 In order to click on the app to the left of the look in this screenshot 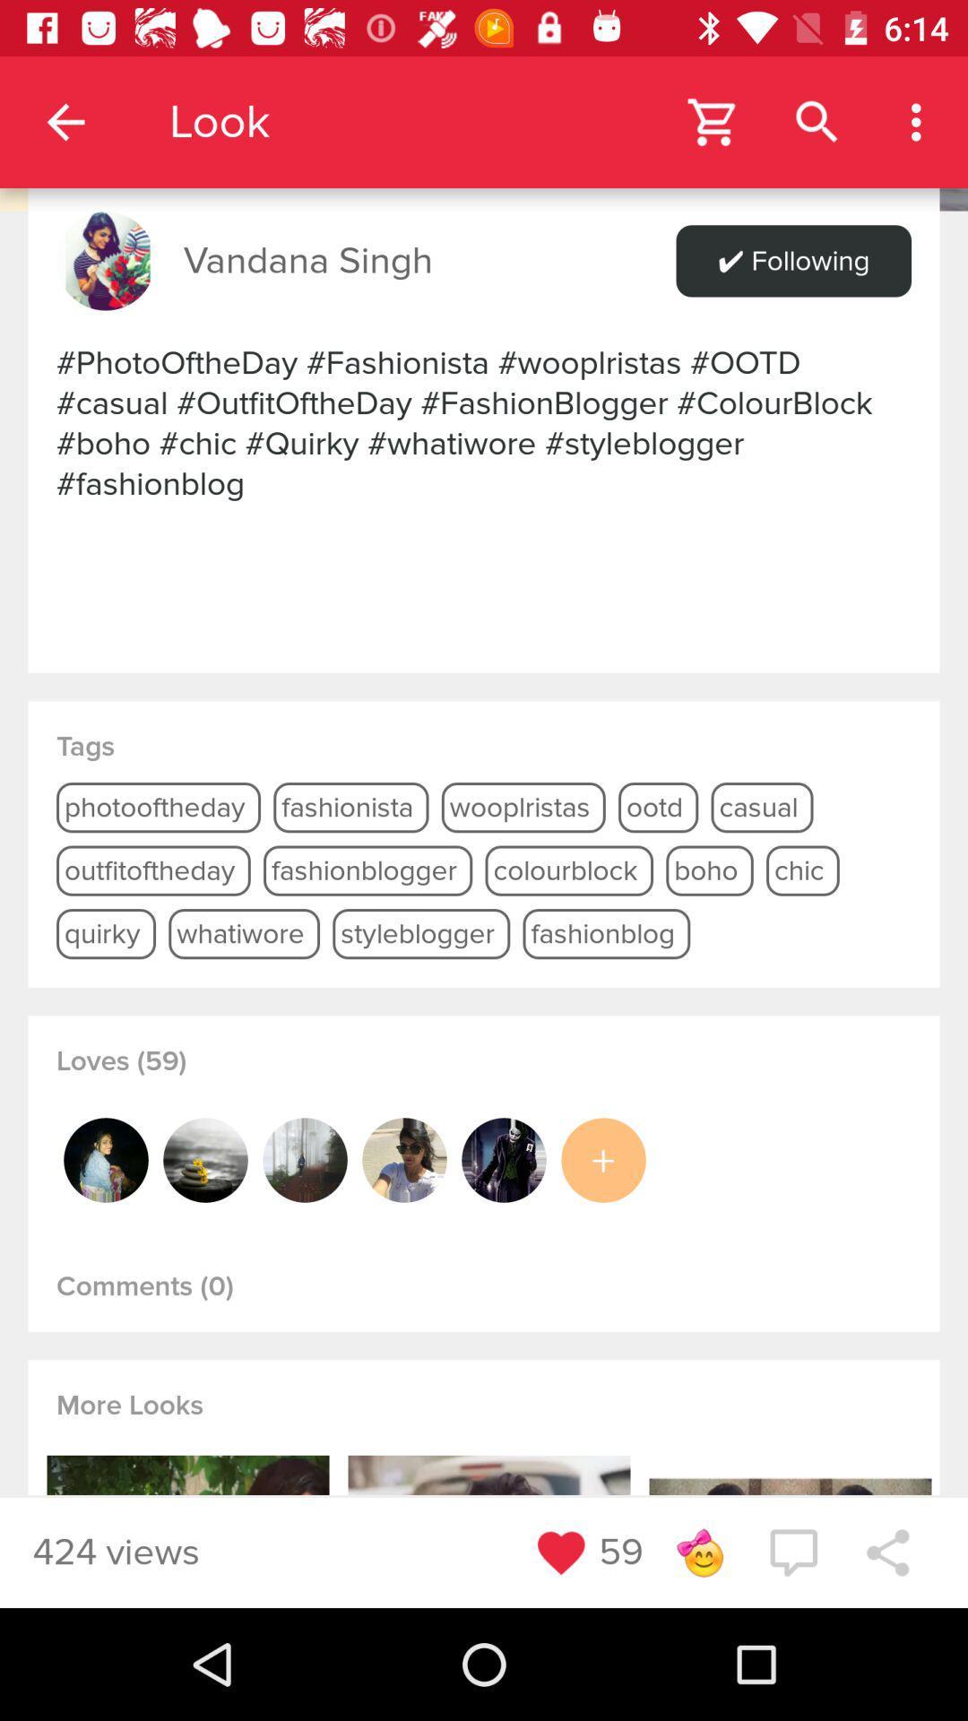, I will do `click(65, 121)`.